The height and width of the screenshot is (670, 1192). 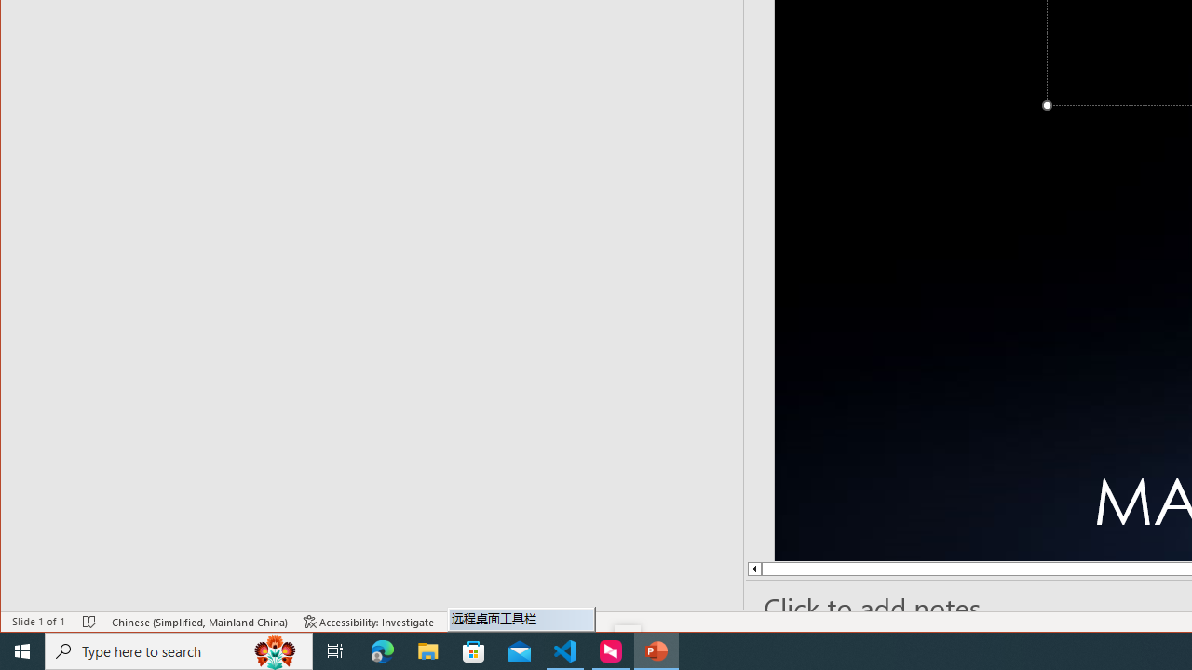 I want to click on 'Type here to search', so click(x=179, y=650).